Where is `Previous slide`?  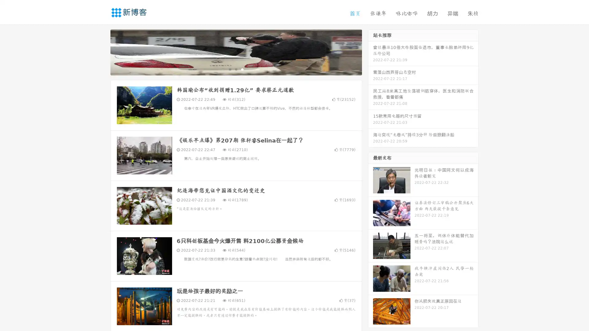 Previous slide is located at coordinates (101, 51).